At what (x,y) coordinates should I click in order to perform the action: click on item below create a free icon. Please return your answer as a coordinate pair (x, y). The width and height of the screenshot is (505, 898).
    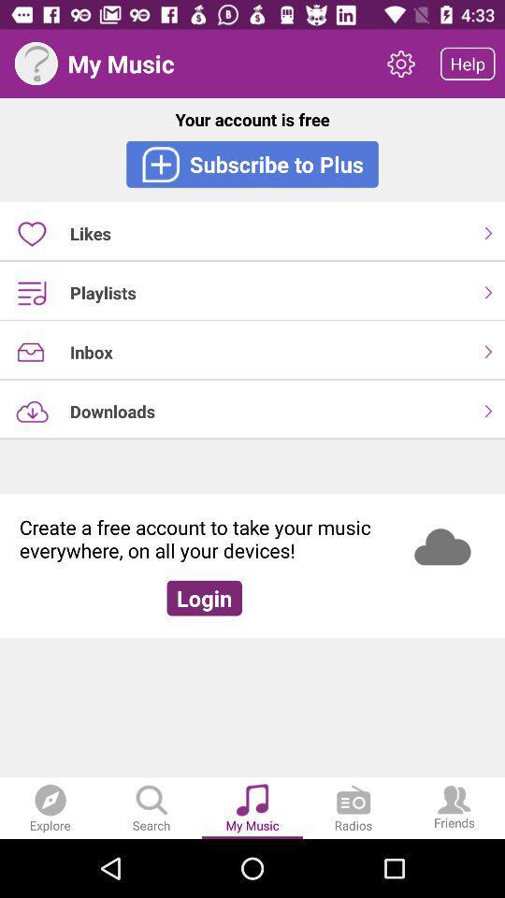
    Looking at the image, I should click on (203, 597).